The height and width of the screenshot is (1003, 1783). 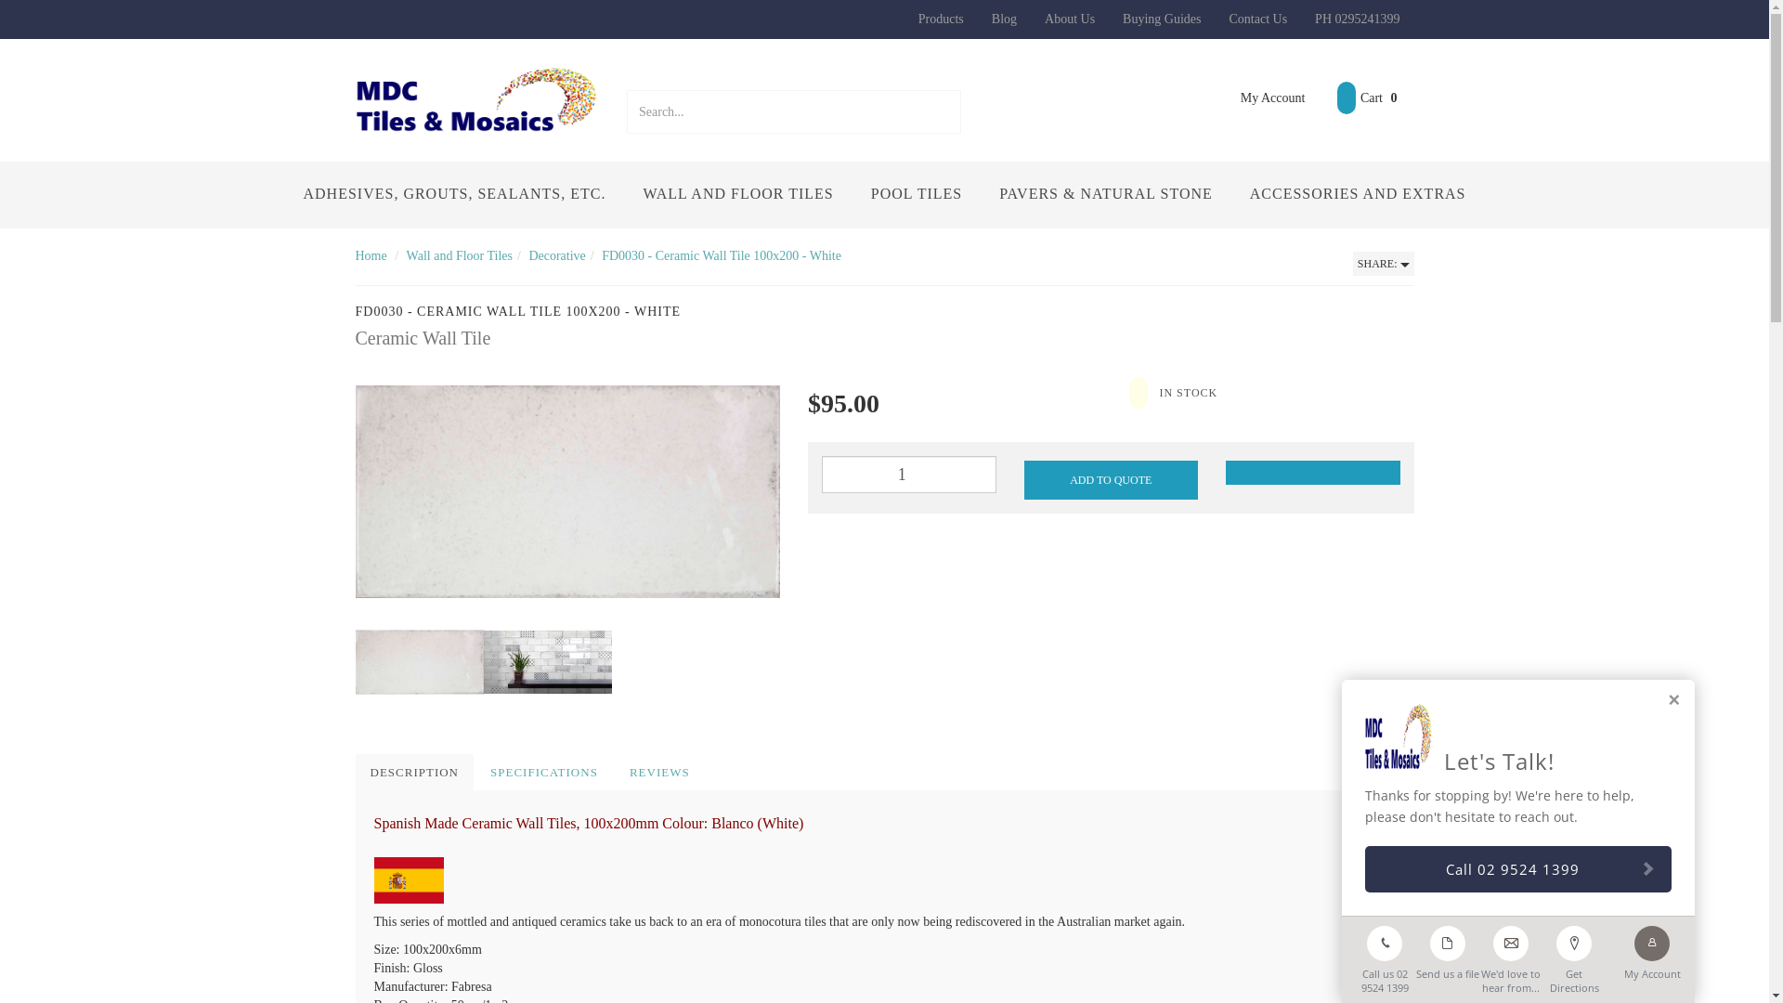 I want to click on 'POOL TILES', so click(x=917, y=194).